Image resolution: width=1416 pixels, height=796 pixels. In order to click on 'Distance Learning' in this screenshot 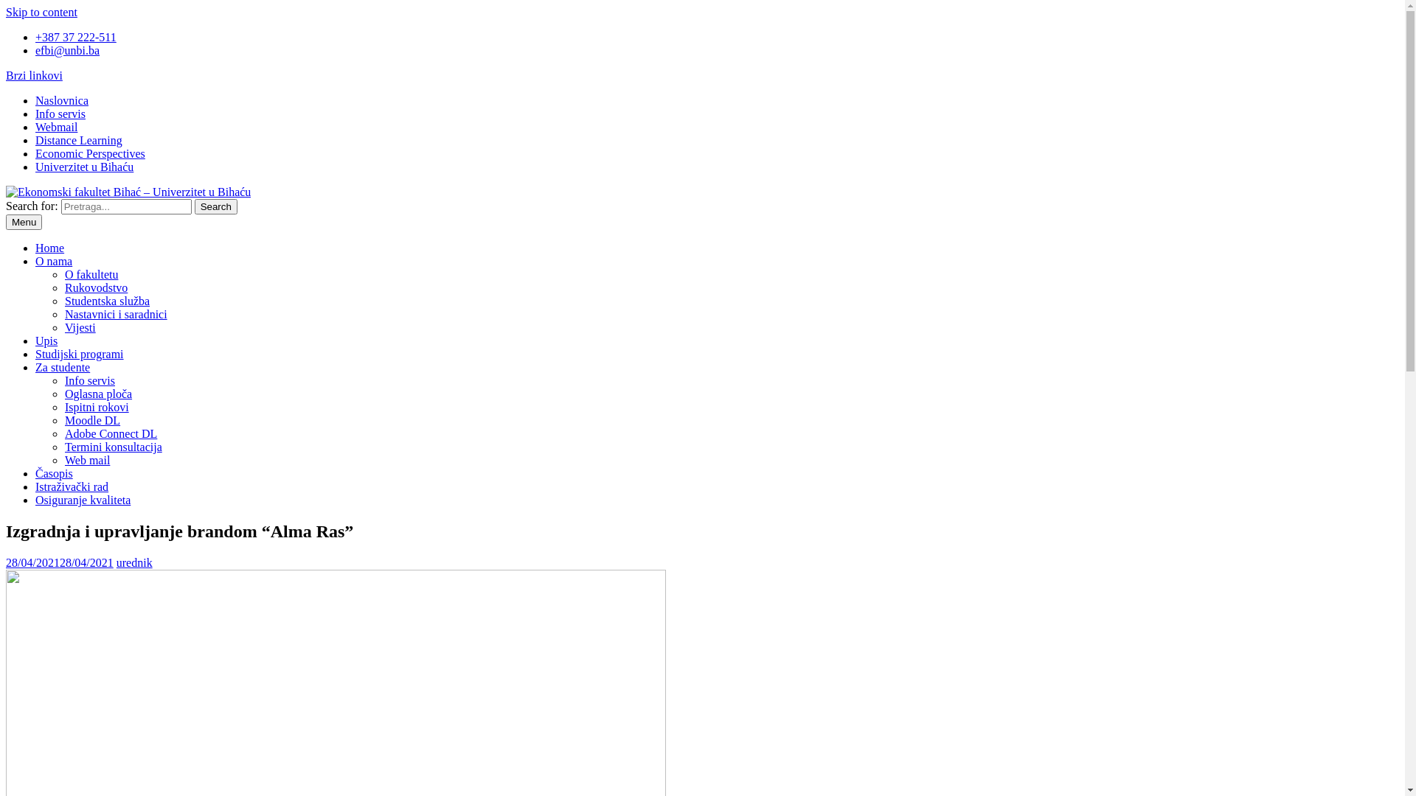, I will do `click(77, 140)`.